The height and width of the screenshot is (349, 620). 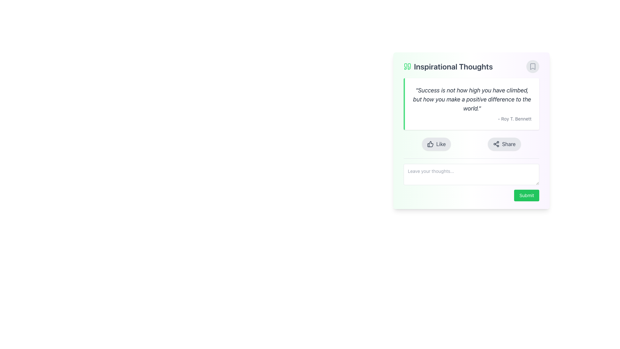 What do you see at coordinates (527, 195) in the screenshot?
I see `the 'Submit' button` at bounding box center [527, 195].